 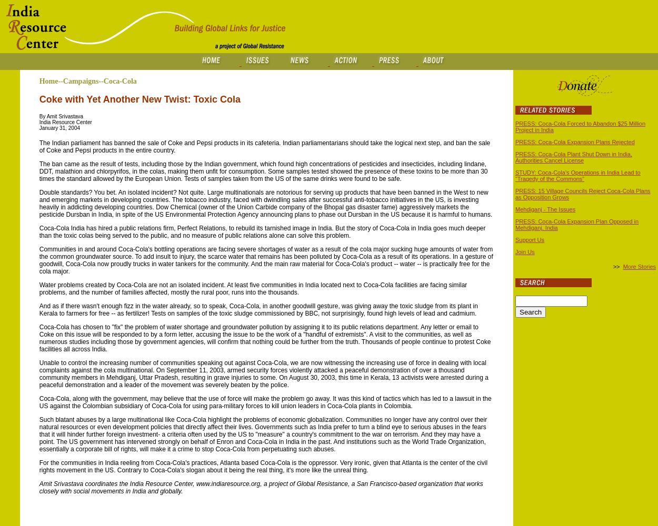 I want to click on 'Coca-Cola India has hired a public relations firm, Perfect Relations, to rebuild its tarnished image in India. But the story of Coca-Cola in India goes much deeper than the toxic colas being served to the public, and no measure of public relations alone can solve this problem.', so click(x=38, y=231).